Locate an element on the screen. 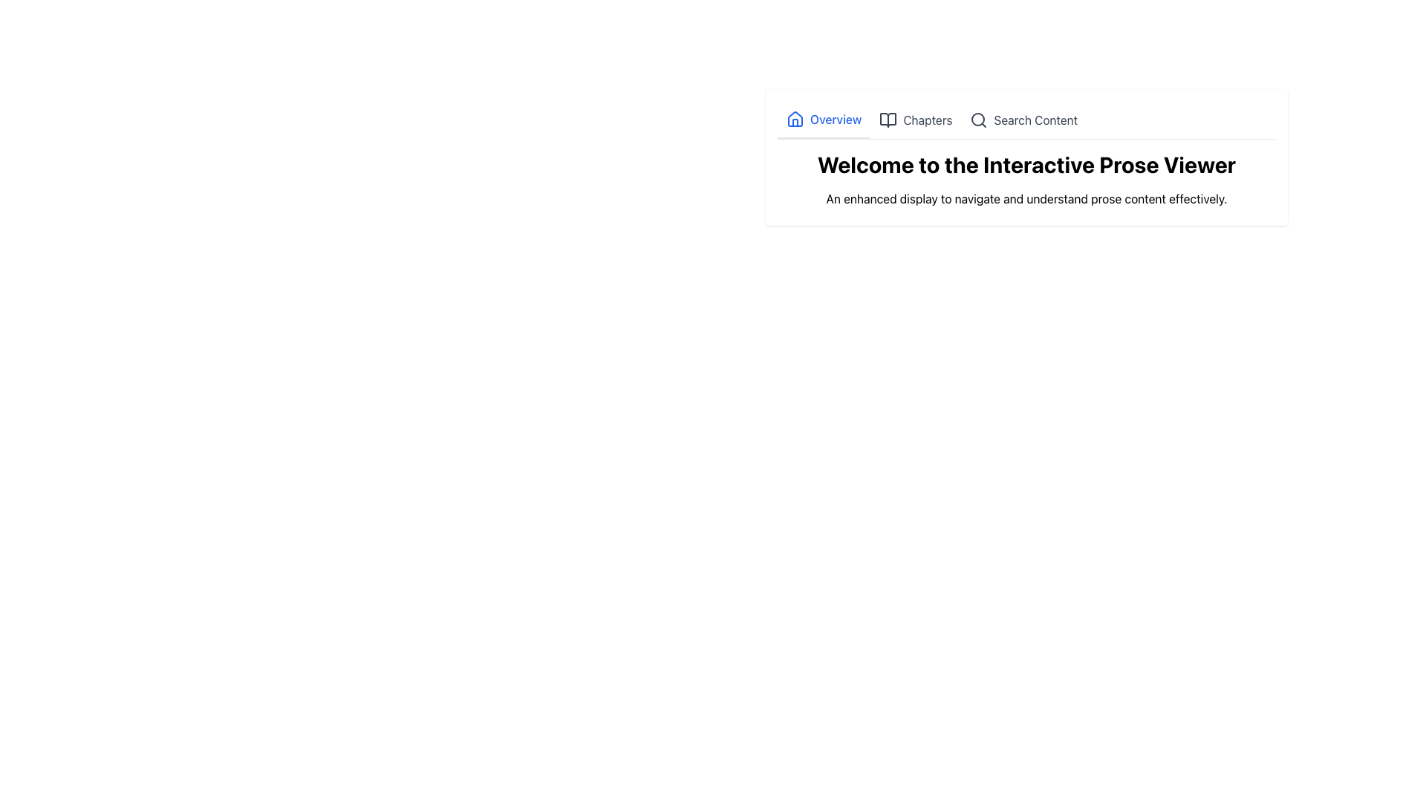 The width and height of the screenshot is (1426, 802). the 'Search Content' button with a magnifying glass icon located at the top right of the navigation bar is located at coordinates (1023, 120).